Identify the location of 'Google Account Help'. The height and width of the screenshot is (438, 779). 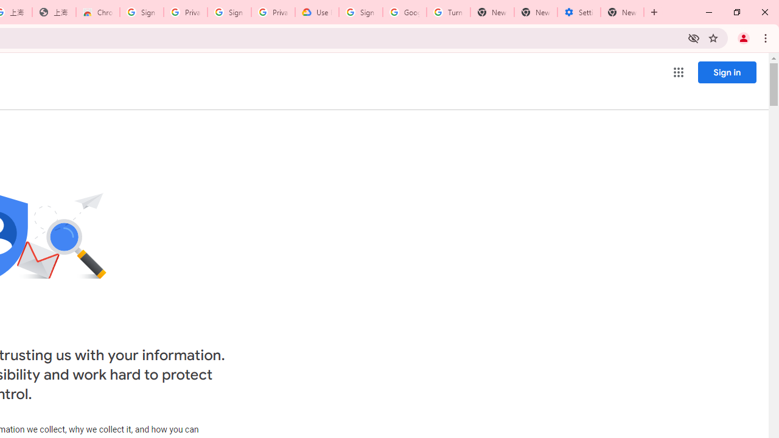
(404, 12).